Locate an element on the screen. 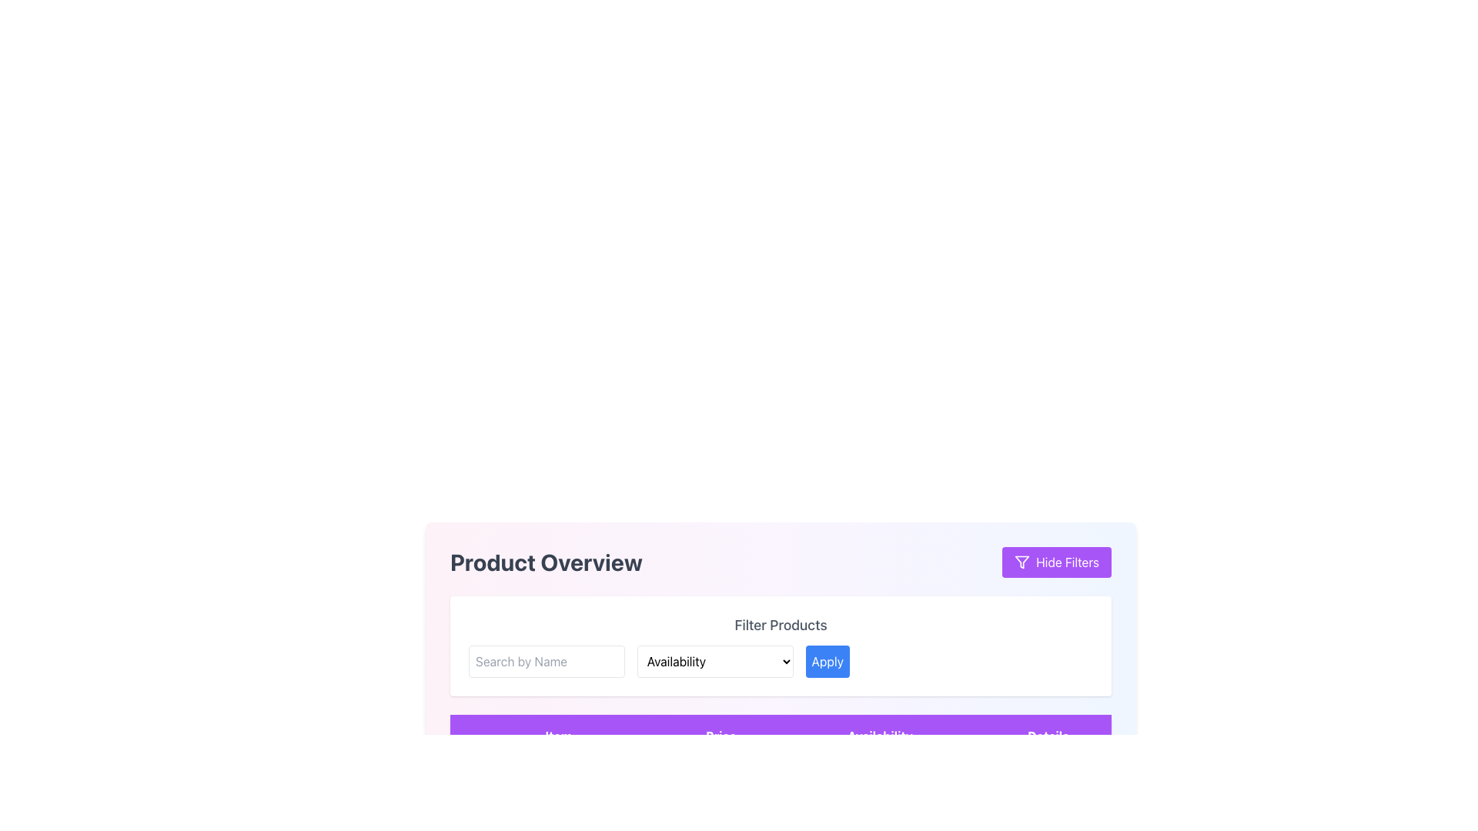 This screenshot has height=831, width=1478. the text label positioned at the far right of the row, which indicates a section or header related to additional details is located at coordinates (1048, 735).